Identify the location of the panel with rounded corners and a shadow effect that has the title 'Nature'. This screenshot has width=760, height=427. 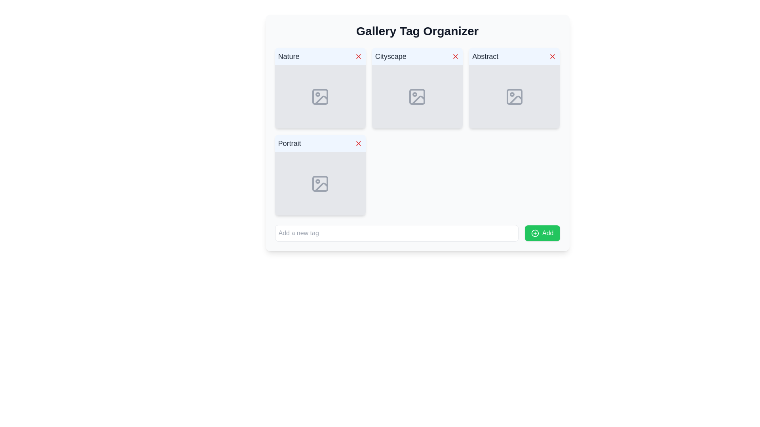
(320, 88).